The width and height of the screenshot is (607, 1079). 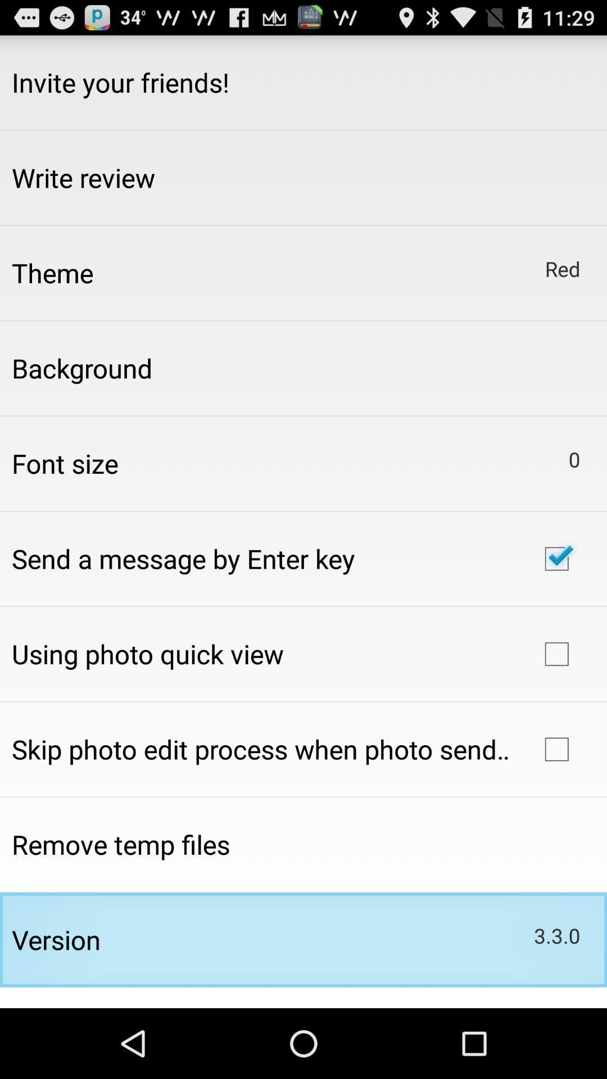 What do you see at coordinates (65, 463) in the screenshot?
I see `the font size` at bounding box center [65, 463].